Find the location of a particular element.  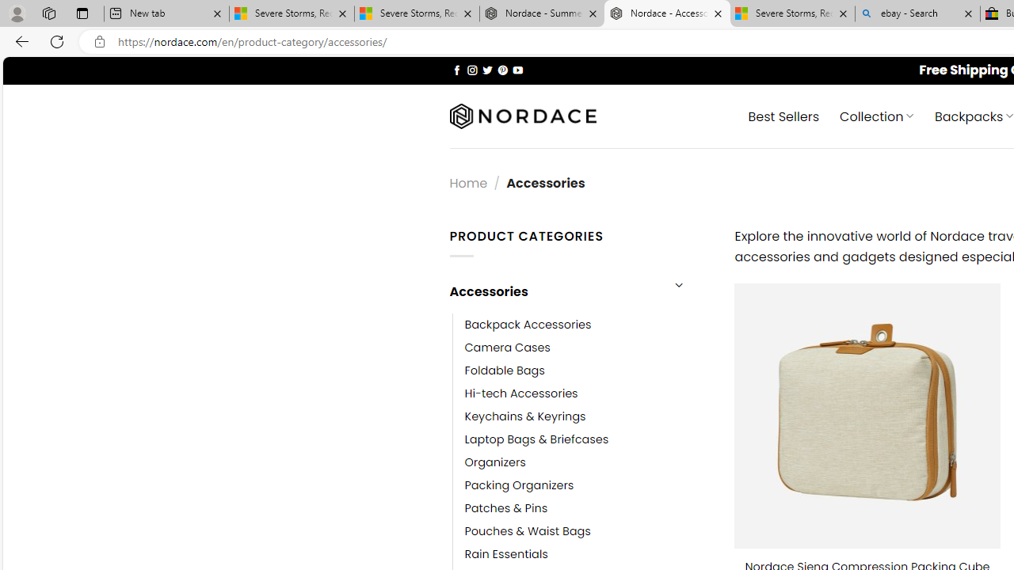

'ebay - Search' is located at coordinates (917, 13).